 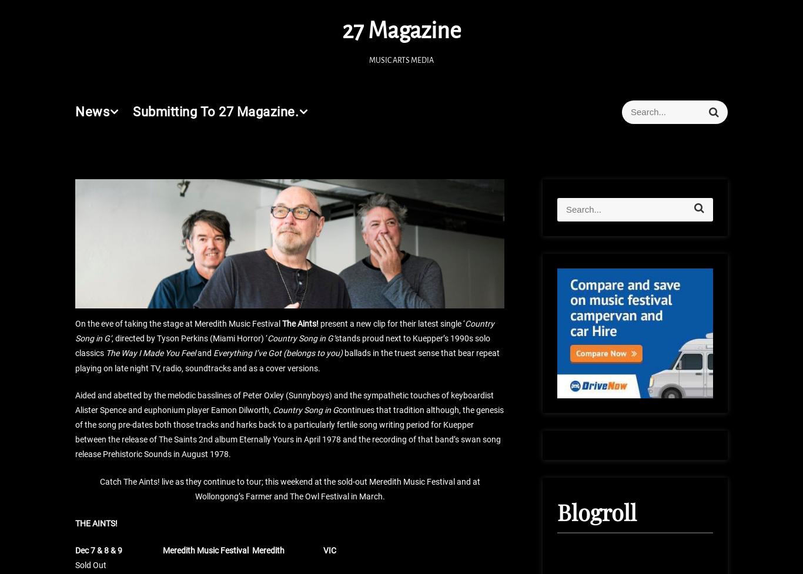 What do you see at coordinates (481, 280) in the screenshot?
I see `'News: KNOTFEST RETURNS TO AUSTRALIA IN 2024 & THE LINE-UP IS HERE!'` at bounding box center [481, 280].